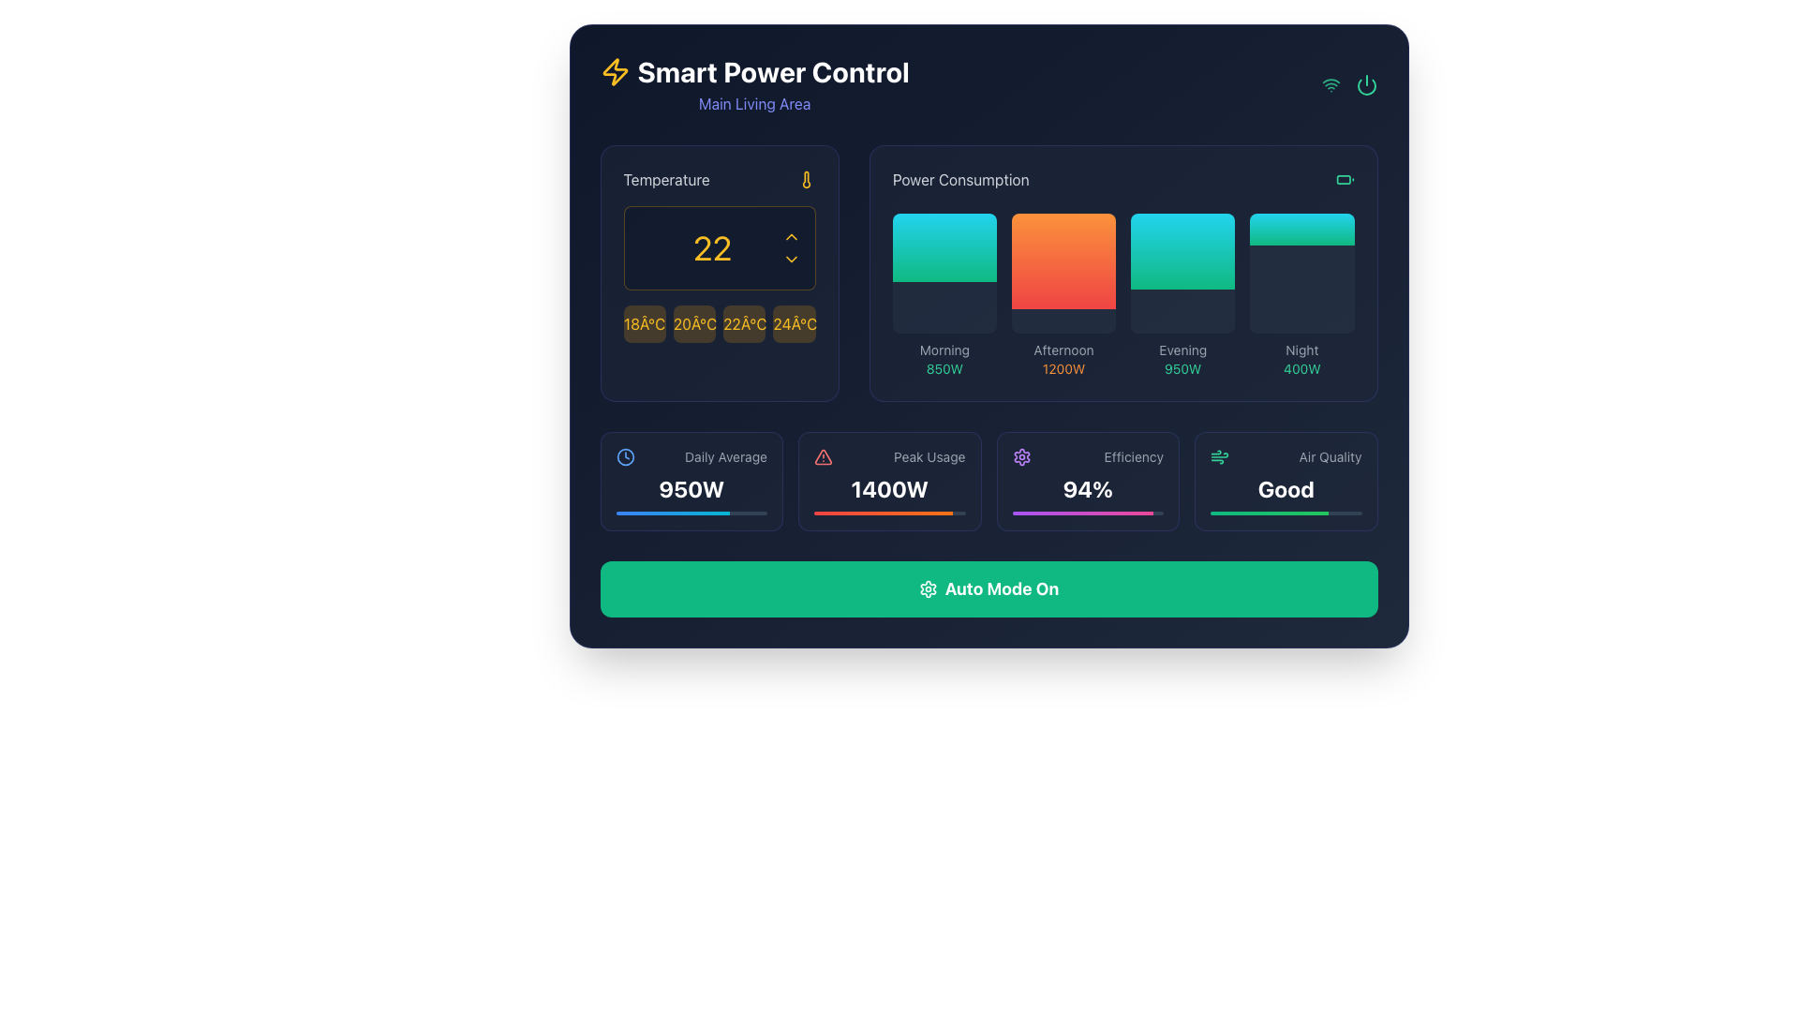 The width and height of the screenshot is (1799, 1012). I want to click on the static text label 'Peak Usage' located at the bottom center of the interface, adjacent to an alert icon and above the value '1400W', so click(929, 457).